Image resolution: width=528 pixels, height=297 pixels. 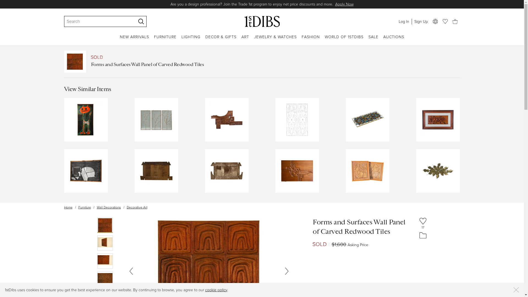 I want to click on 'cookie policy', so click(x=216, y=290).